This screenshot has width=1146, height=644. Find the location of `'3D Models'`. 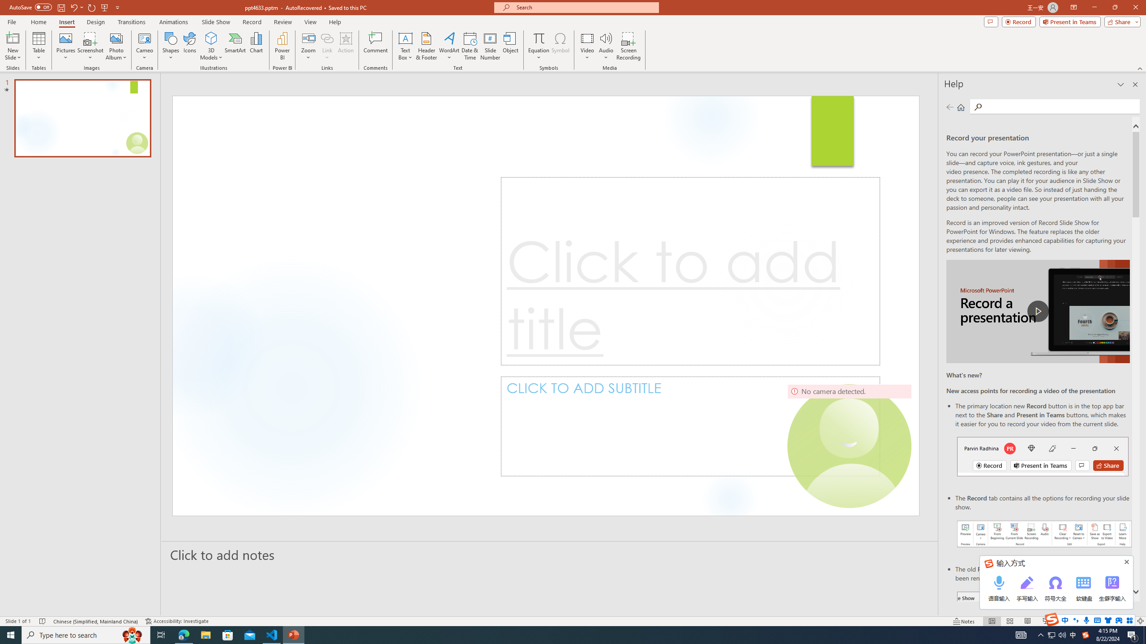

'3D Models' is located at coordinates (211, 46).